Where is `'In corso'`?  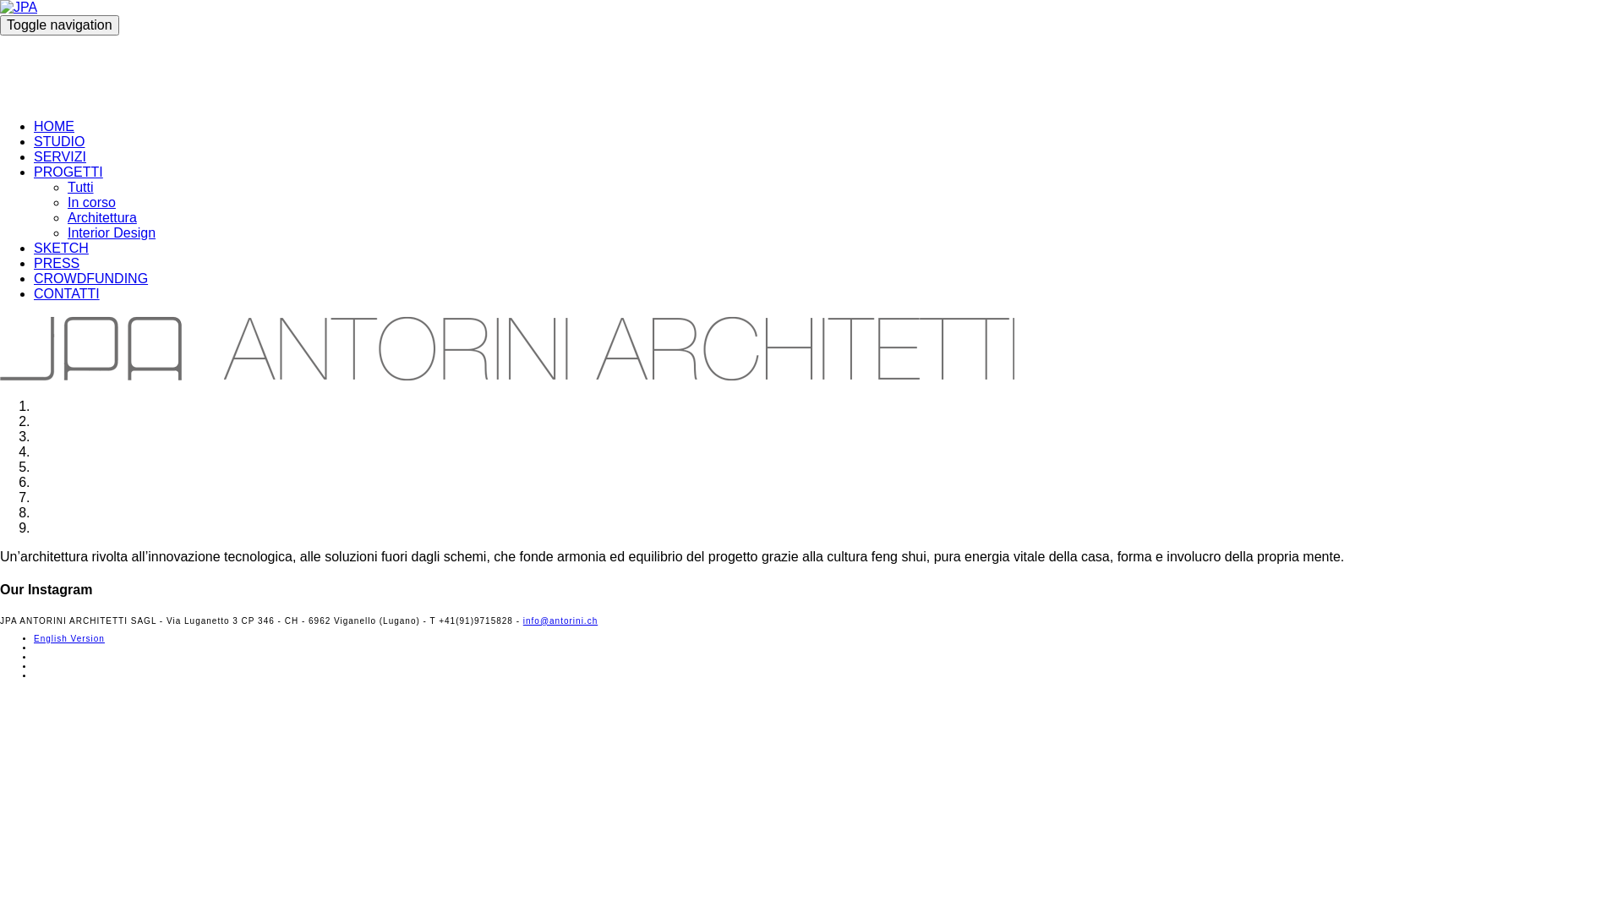 'In corso' is located at coordinates (90, 201).